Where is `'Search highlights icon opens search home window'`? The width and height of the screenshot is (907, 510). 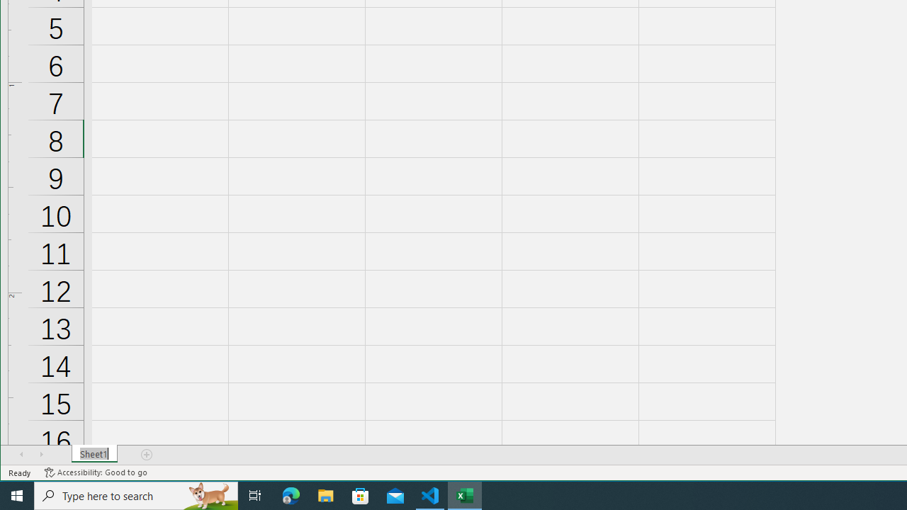
'Search highlights icon opens search home window' is located at coordinates (208, 494).